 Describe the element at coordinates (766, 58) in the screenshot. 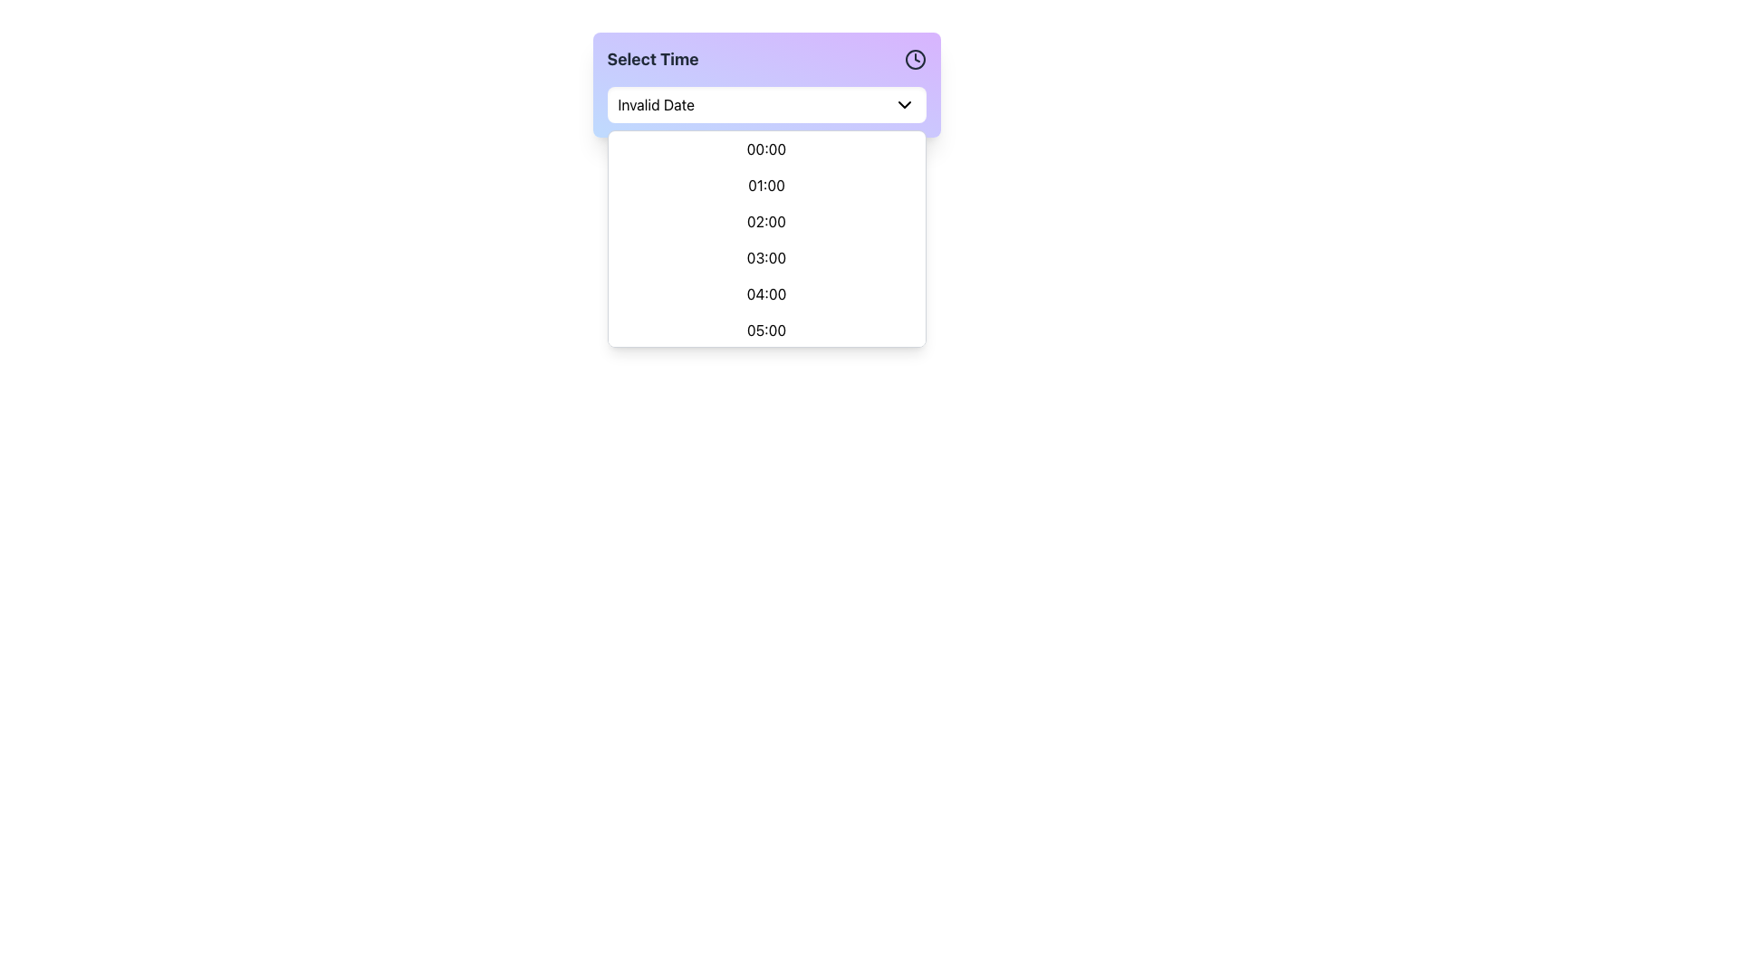

I see `the clock icon located on the far right of the Header bar, which serves as a title for selecting a time` at that location.